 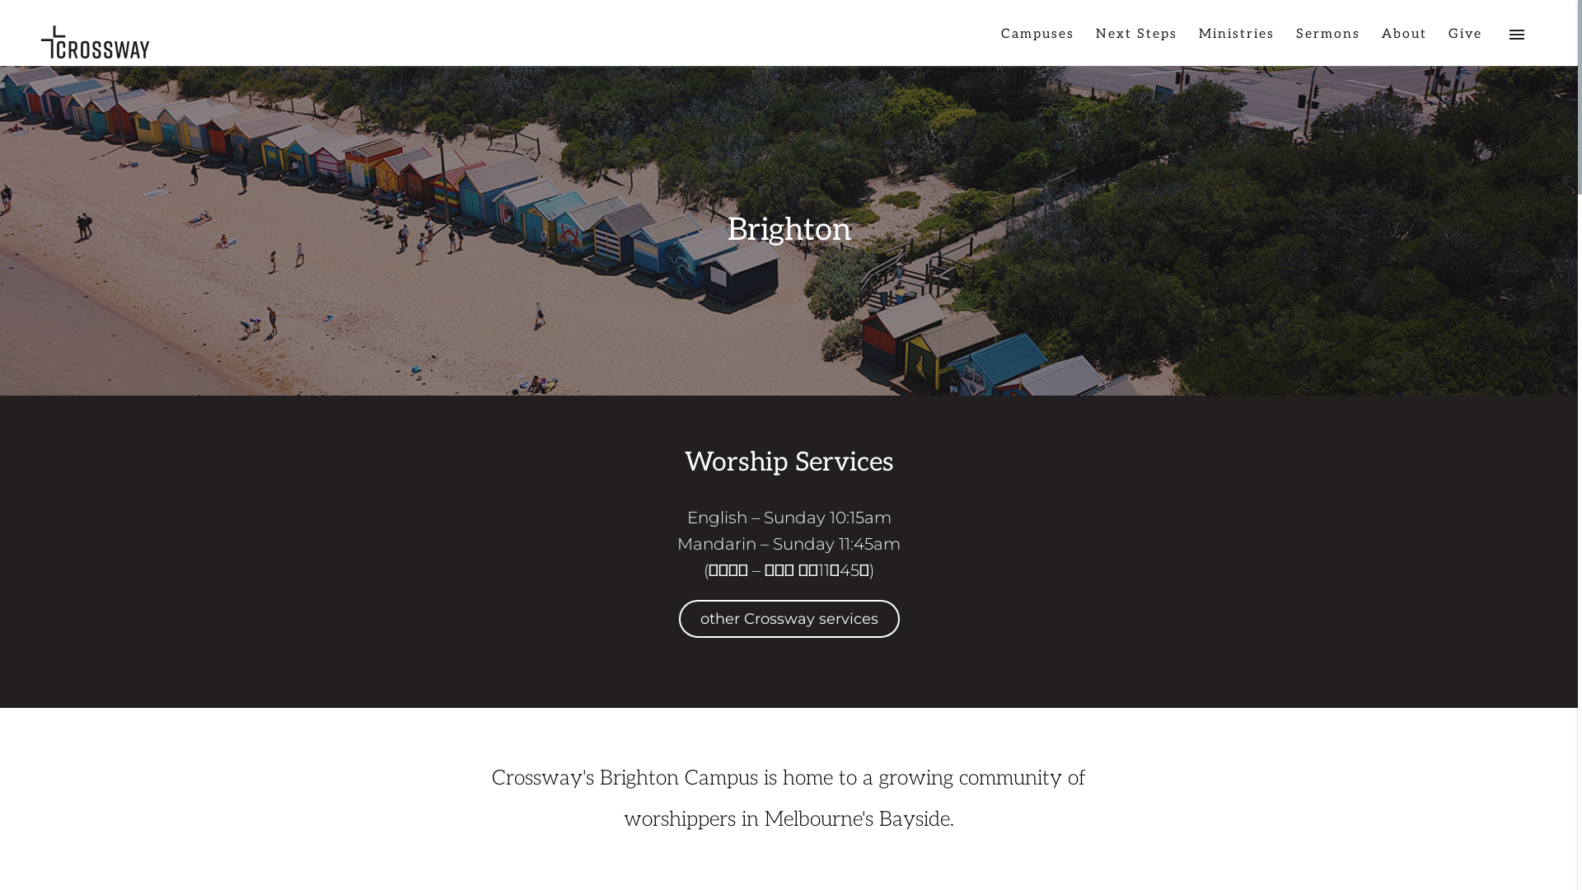 I want to click on 'Give', so click(x=1465, y=40).